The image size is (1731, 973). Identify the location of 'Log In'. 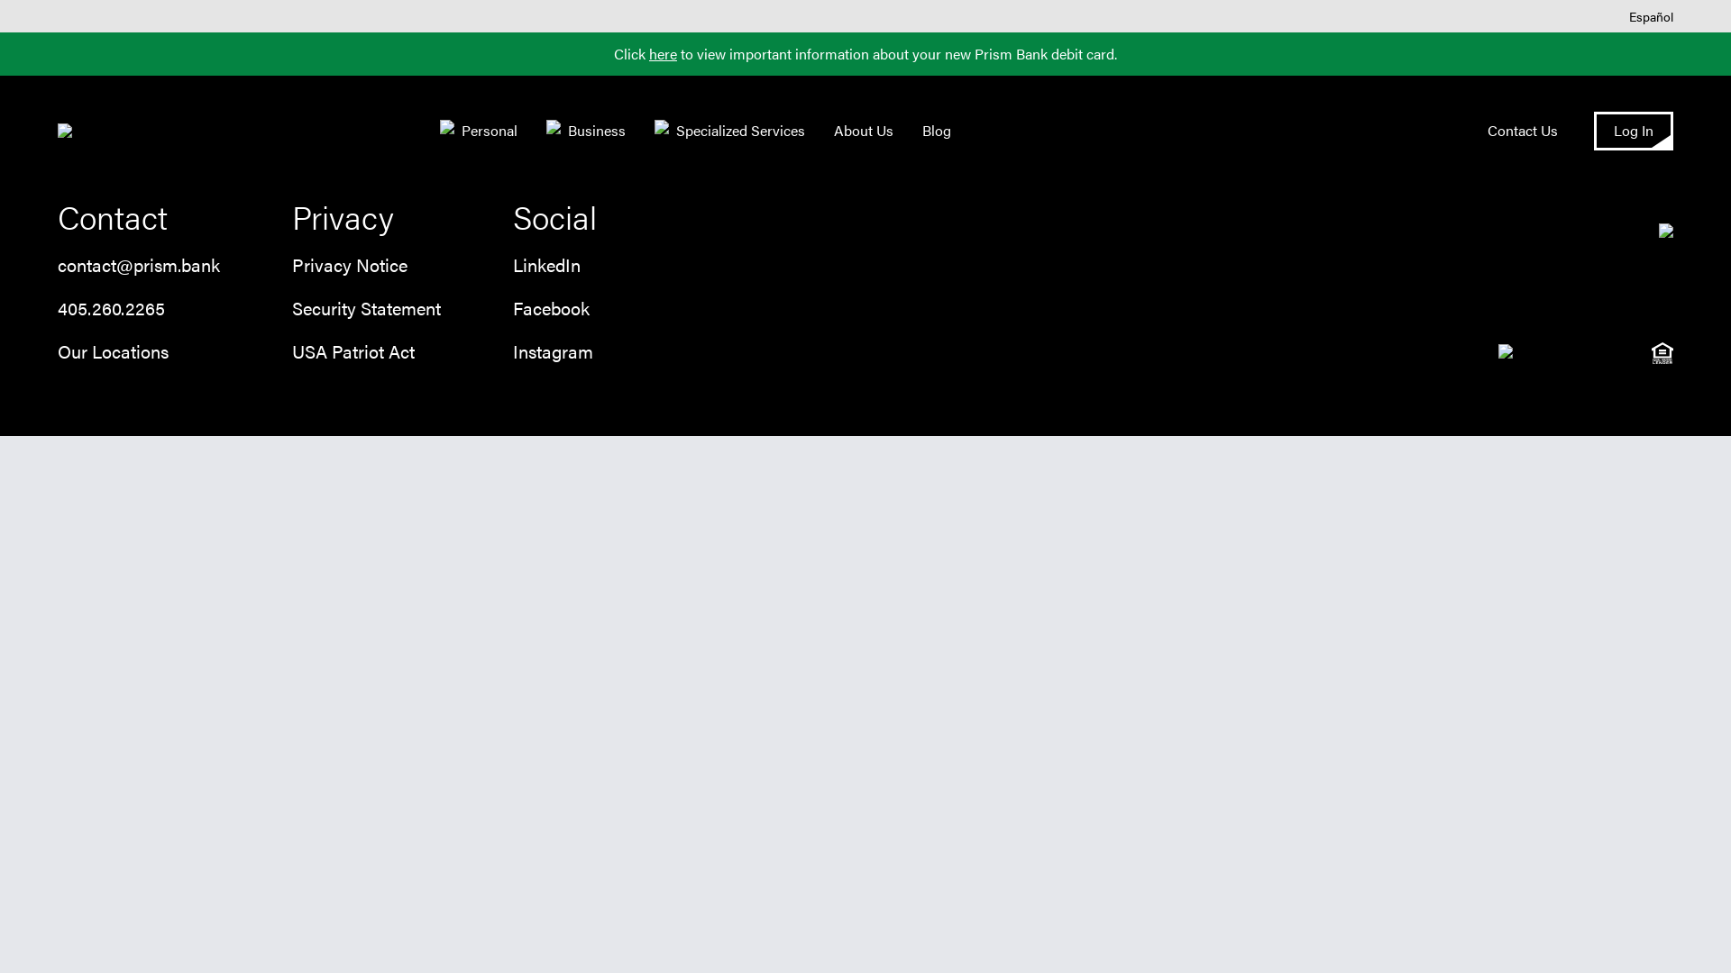
(1633, 130).